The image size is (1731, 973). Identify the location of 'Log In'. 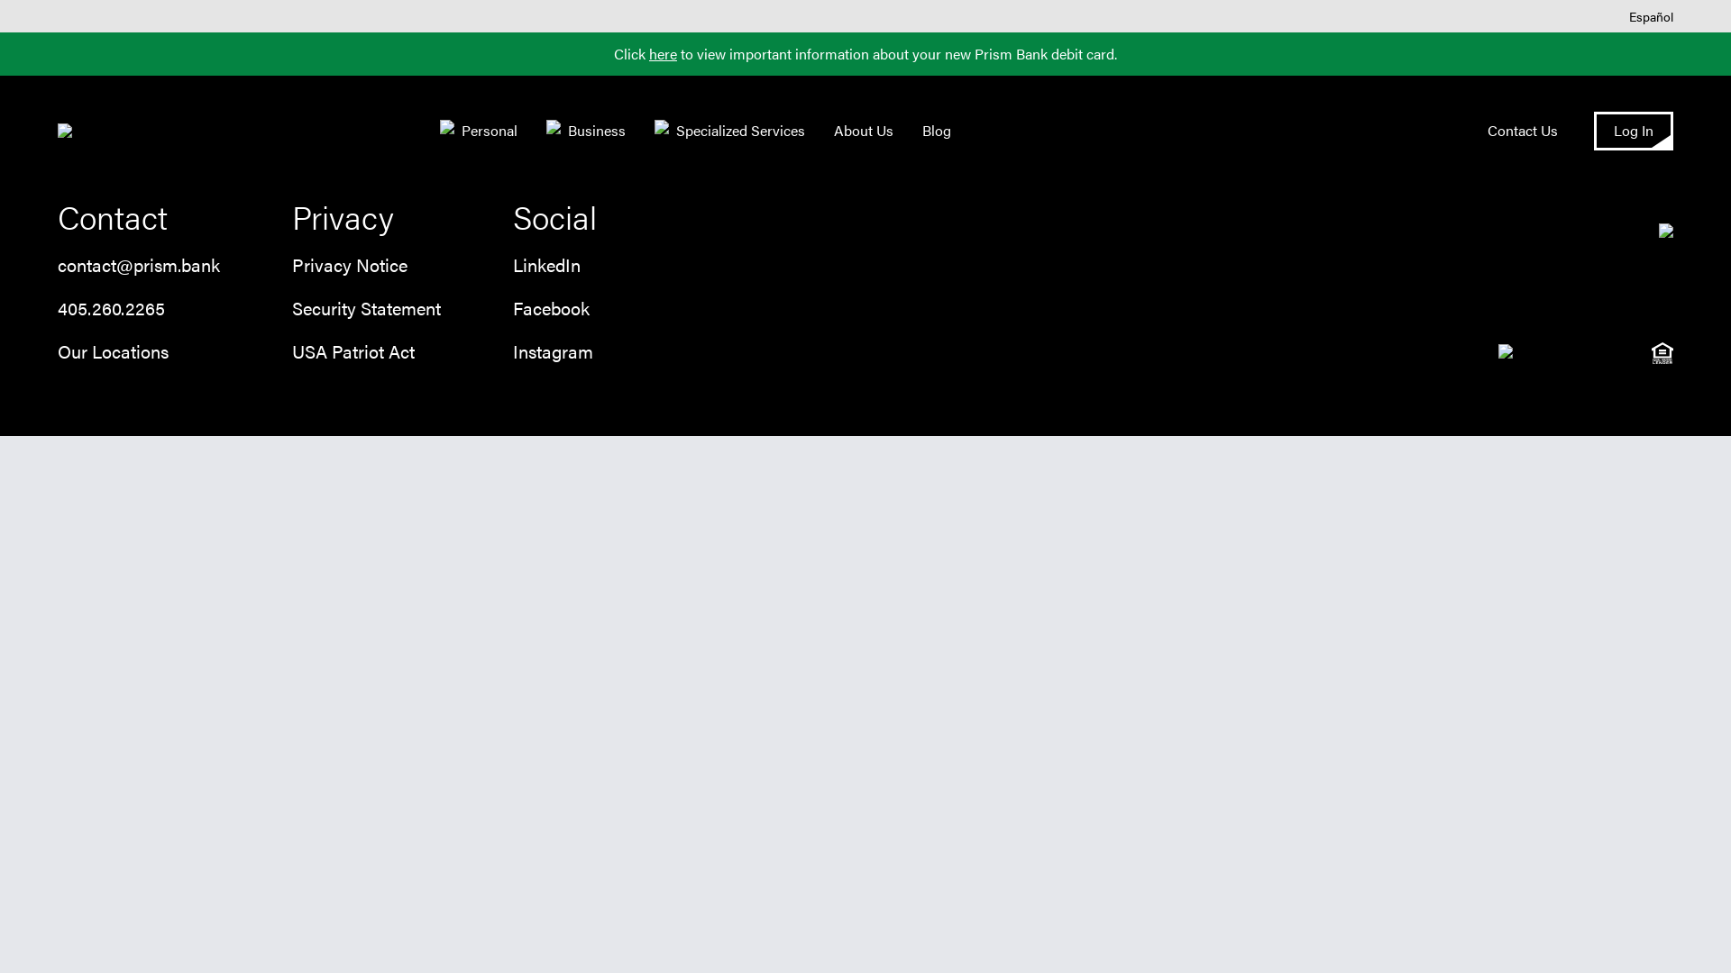
(1633, 130).